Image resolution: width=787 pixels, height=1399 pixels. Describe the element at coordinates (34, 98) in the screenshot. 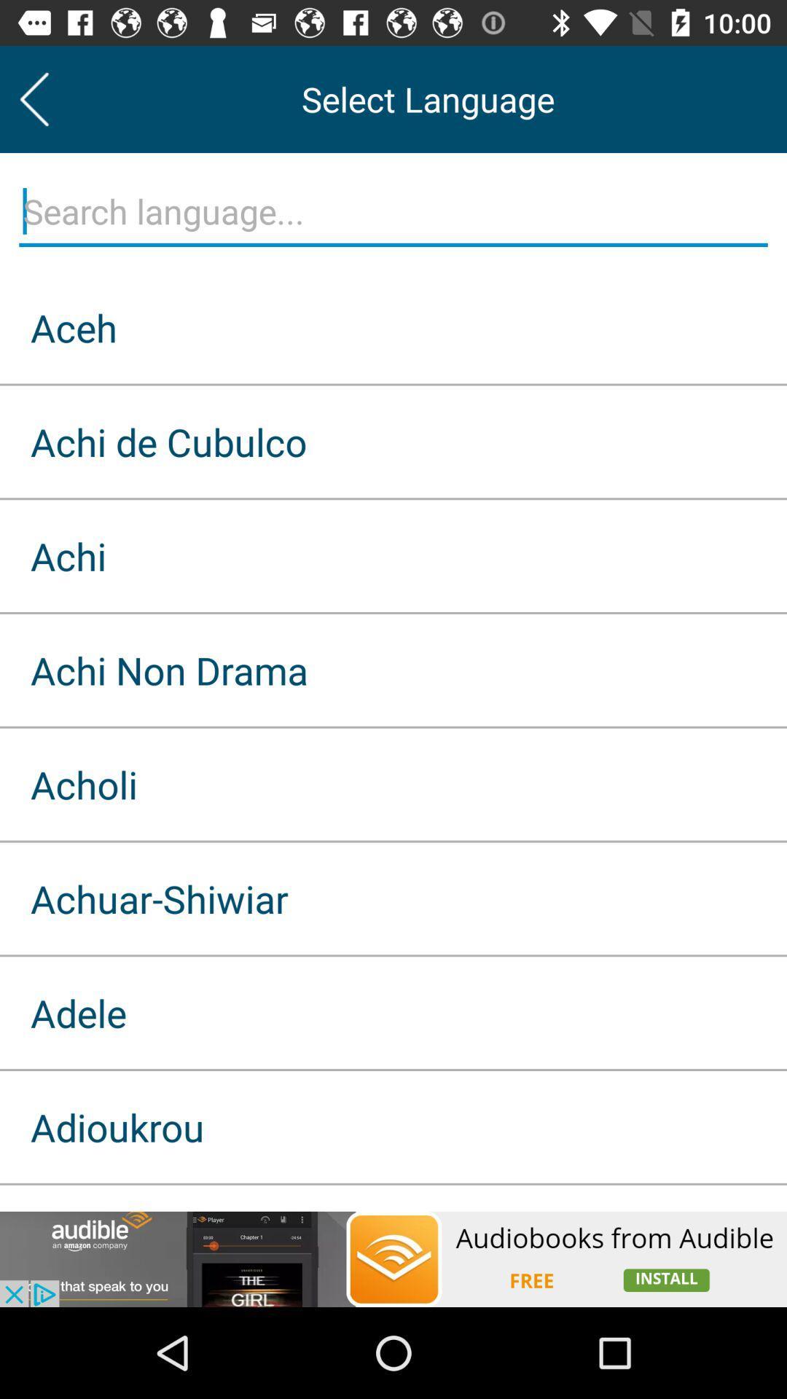

I see `back option` at that location.